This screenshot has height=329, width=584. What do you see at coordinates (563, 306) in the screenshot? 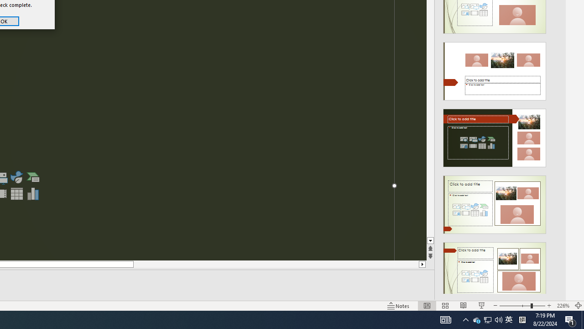
I see `'Zoom 226%'` at bounding box center [563, 306].